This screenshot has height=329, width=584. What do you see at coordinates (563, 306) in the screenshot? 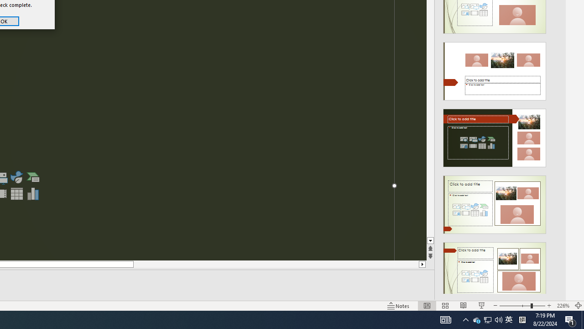
I see `'Zoom 226%'` at bounding box center [563, 306].